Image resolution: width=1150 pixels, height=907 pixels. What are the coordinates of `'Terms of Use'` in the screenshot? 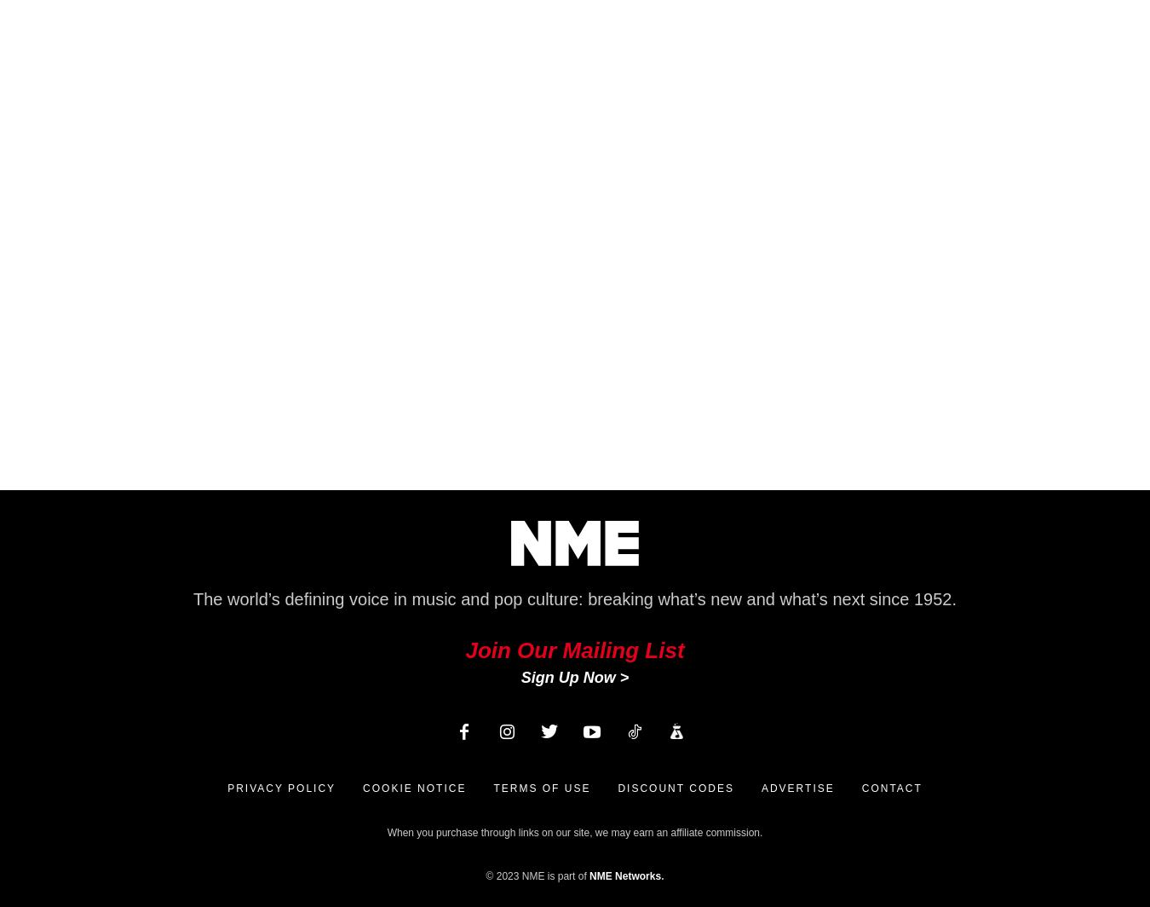 It's located at (541, 789).